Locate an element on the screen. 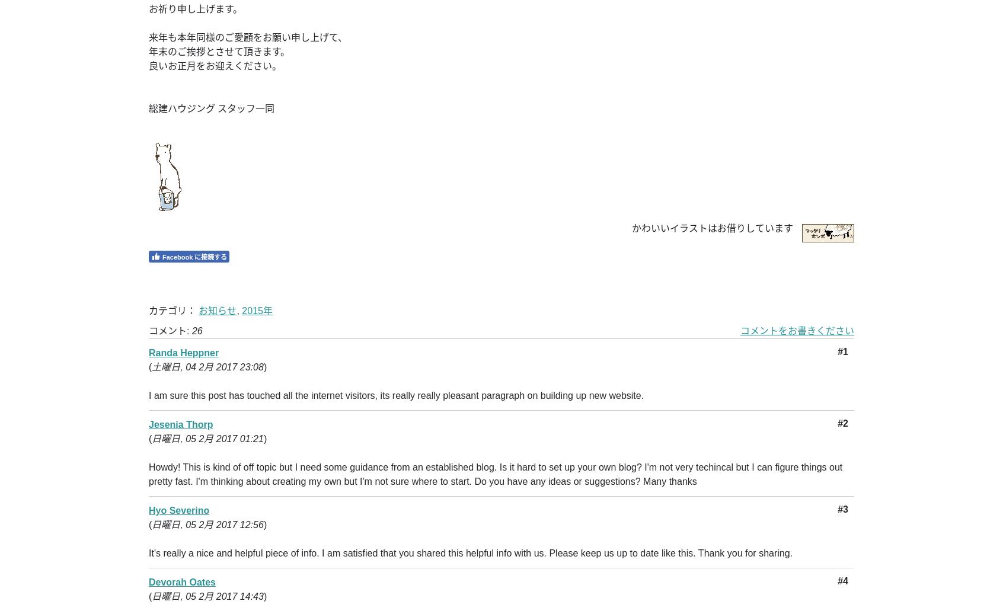 The image size is (1003, 614). '日曜日, 05 2月 2017 14:43' is located at coordinates (207, 596).